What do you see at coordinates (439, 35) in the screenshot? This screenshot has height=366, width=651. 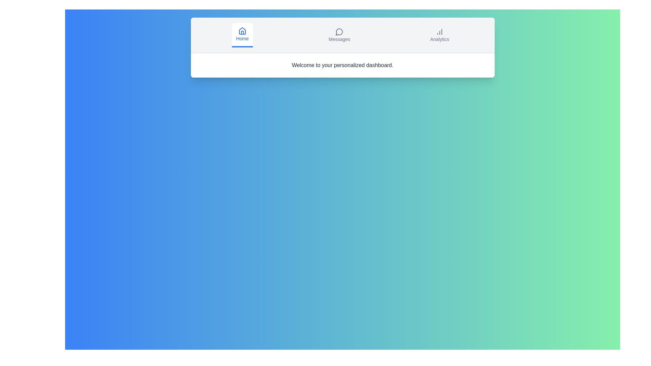 I see `the tab labeled Analytics` at bounding box center [439, 35].